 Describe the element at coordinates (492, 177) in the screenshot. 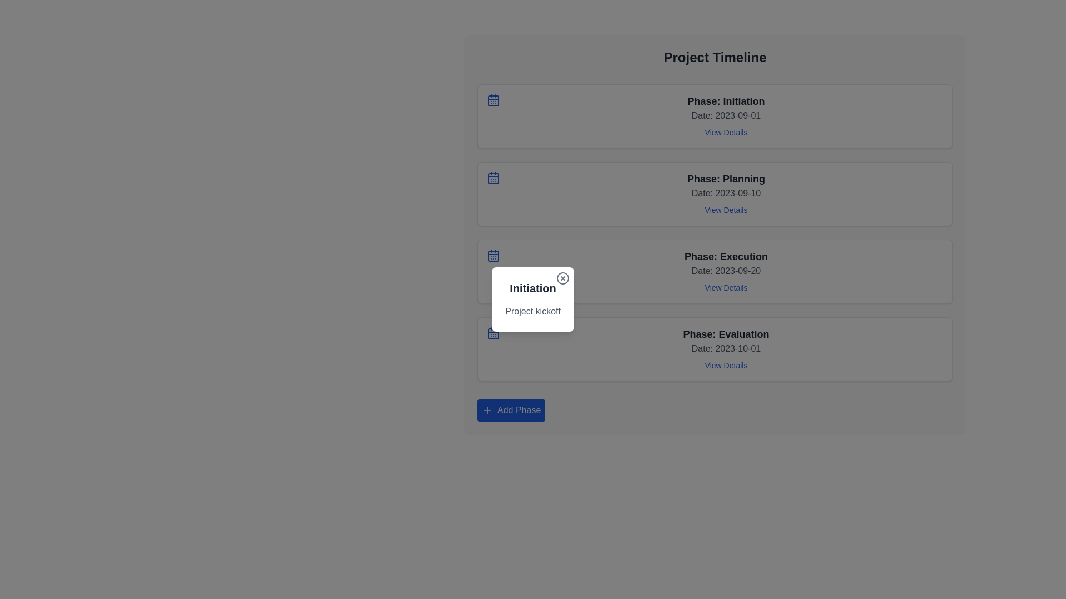

I see `the calendar icon located to the left of the text 'Phase: Planning' and 'Date: 2023-09-10' in the second entry of the project phases list for informational purposes` at that location.